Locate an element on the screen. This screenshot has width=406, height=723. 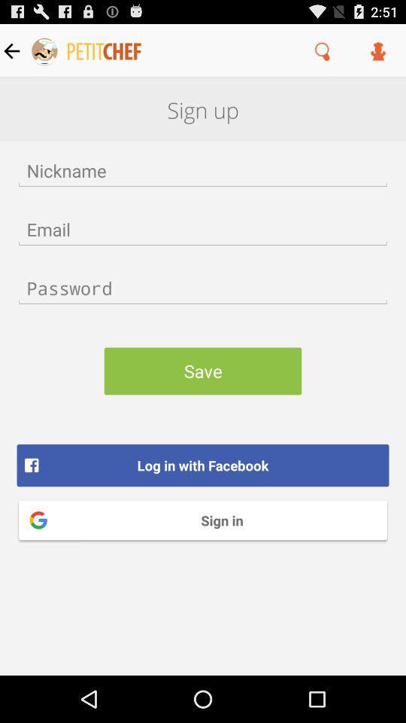
the item above the sign in icon is located at coordinates (203, 465).